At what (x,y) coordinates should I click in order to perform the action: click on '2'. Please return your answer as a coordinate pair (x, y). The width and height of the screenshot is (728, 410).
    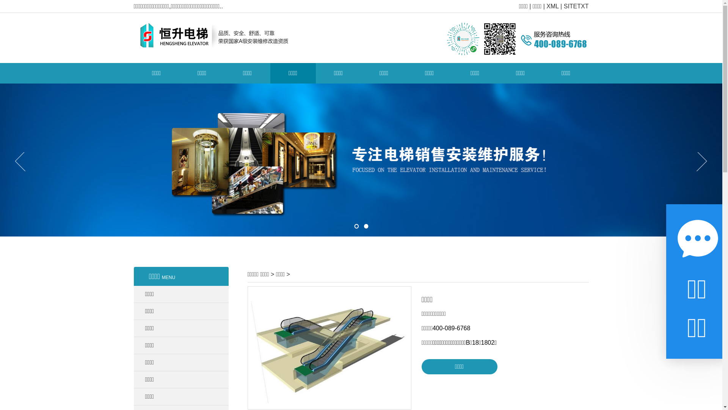
    Looking at the image, I should click on (363, 226).